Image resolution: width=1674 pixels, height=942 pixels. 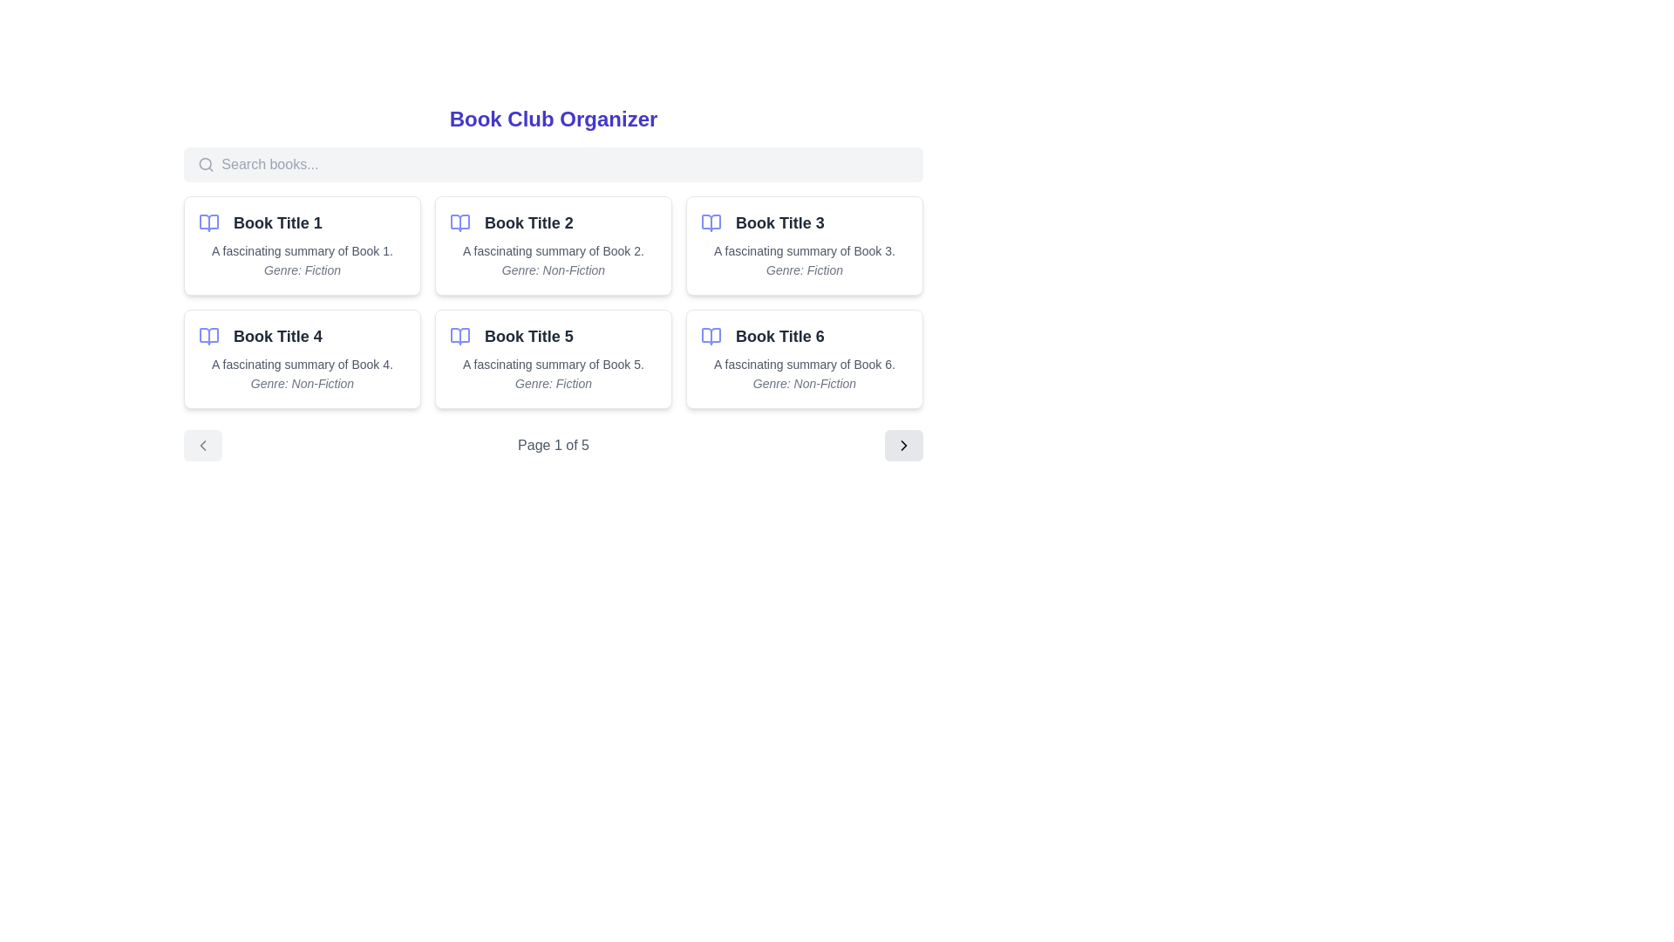 I want to click on the card associated with the icon resembling an open book located to the left of the text 'Book Title 1' in the top left area of the grid layout, so click(x=209, y=222).